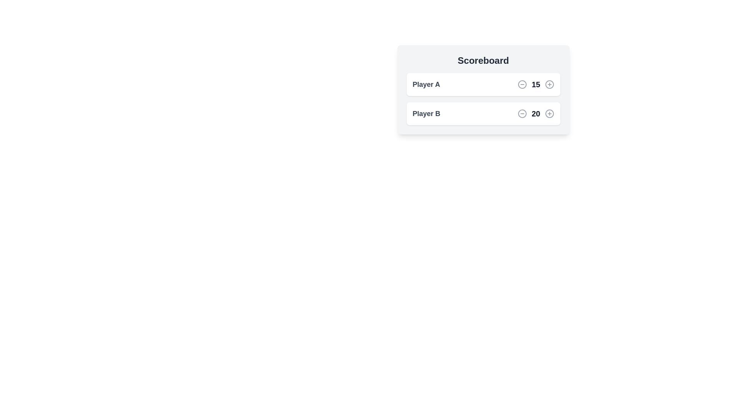  I want to click on the increment button for Player B on the scoreboard, located to the far right next to the number '20', to change its color, so click(549, 114).